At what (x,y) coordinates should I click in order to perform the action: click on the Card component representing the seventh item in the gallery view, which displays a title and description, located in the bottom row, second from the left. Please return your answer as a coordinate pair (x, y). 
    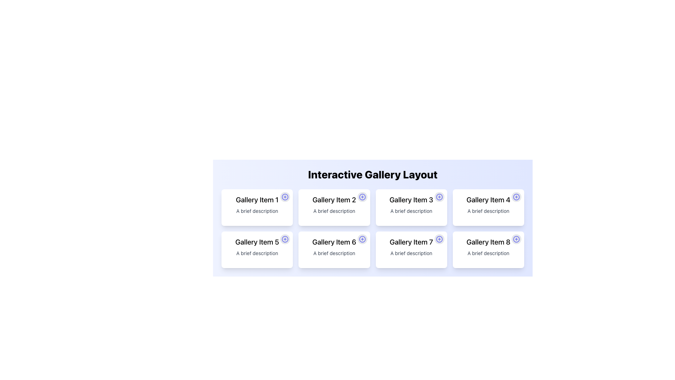
    Looking at the image, I should click on (411, 249).